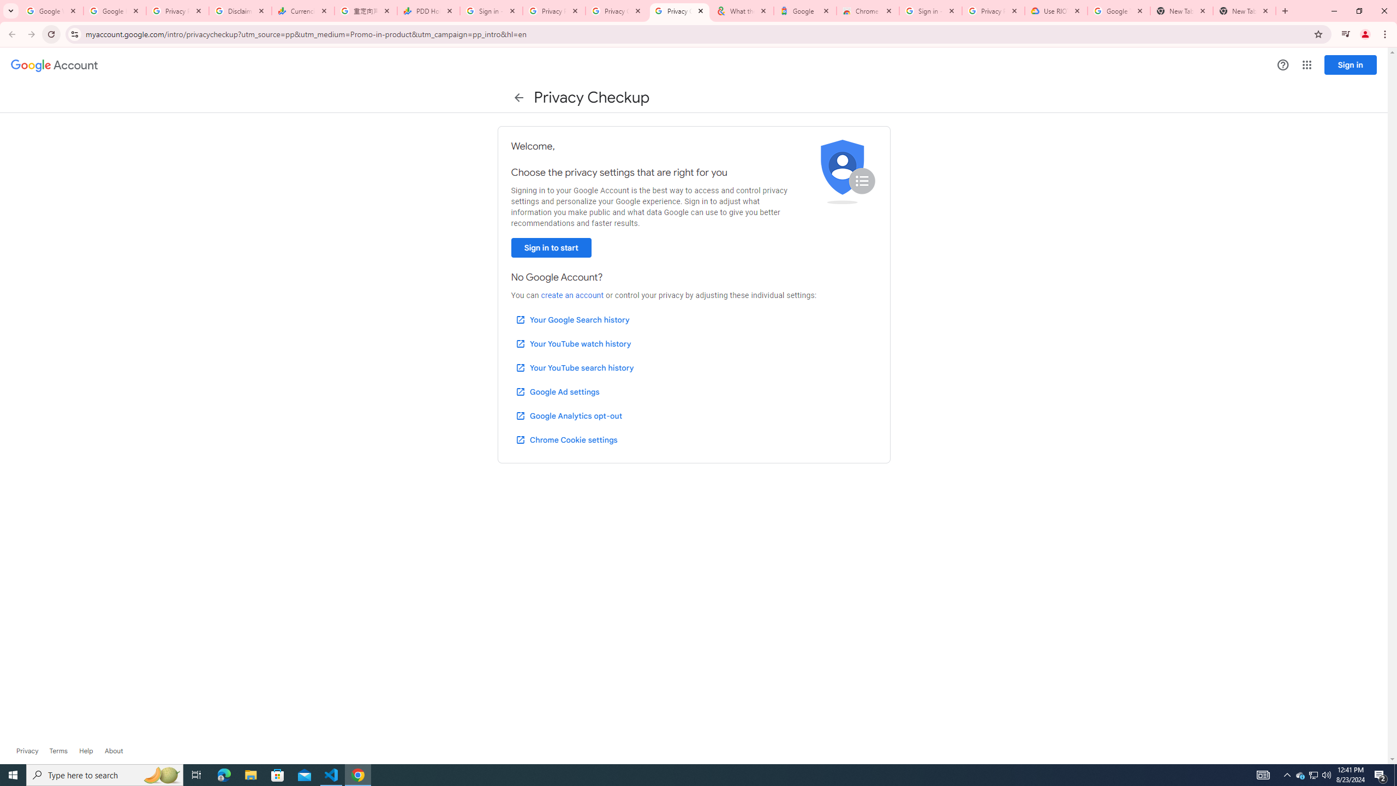 This screenshot has height=786, width=1397. What do you see at coordinates (53, 65) in the screenshot?
I see `'Google Account settings'` at bounding box center [53, 65].